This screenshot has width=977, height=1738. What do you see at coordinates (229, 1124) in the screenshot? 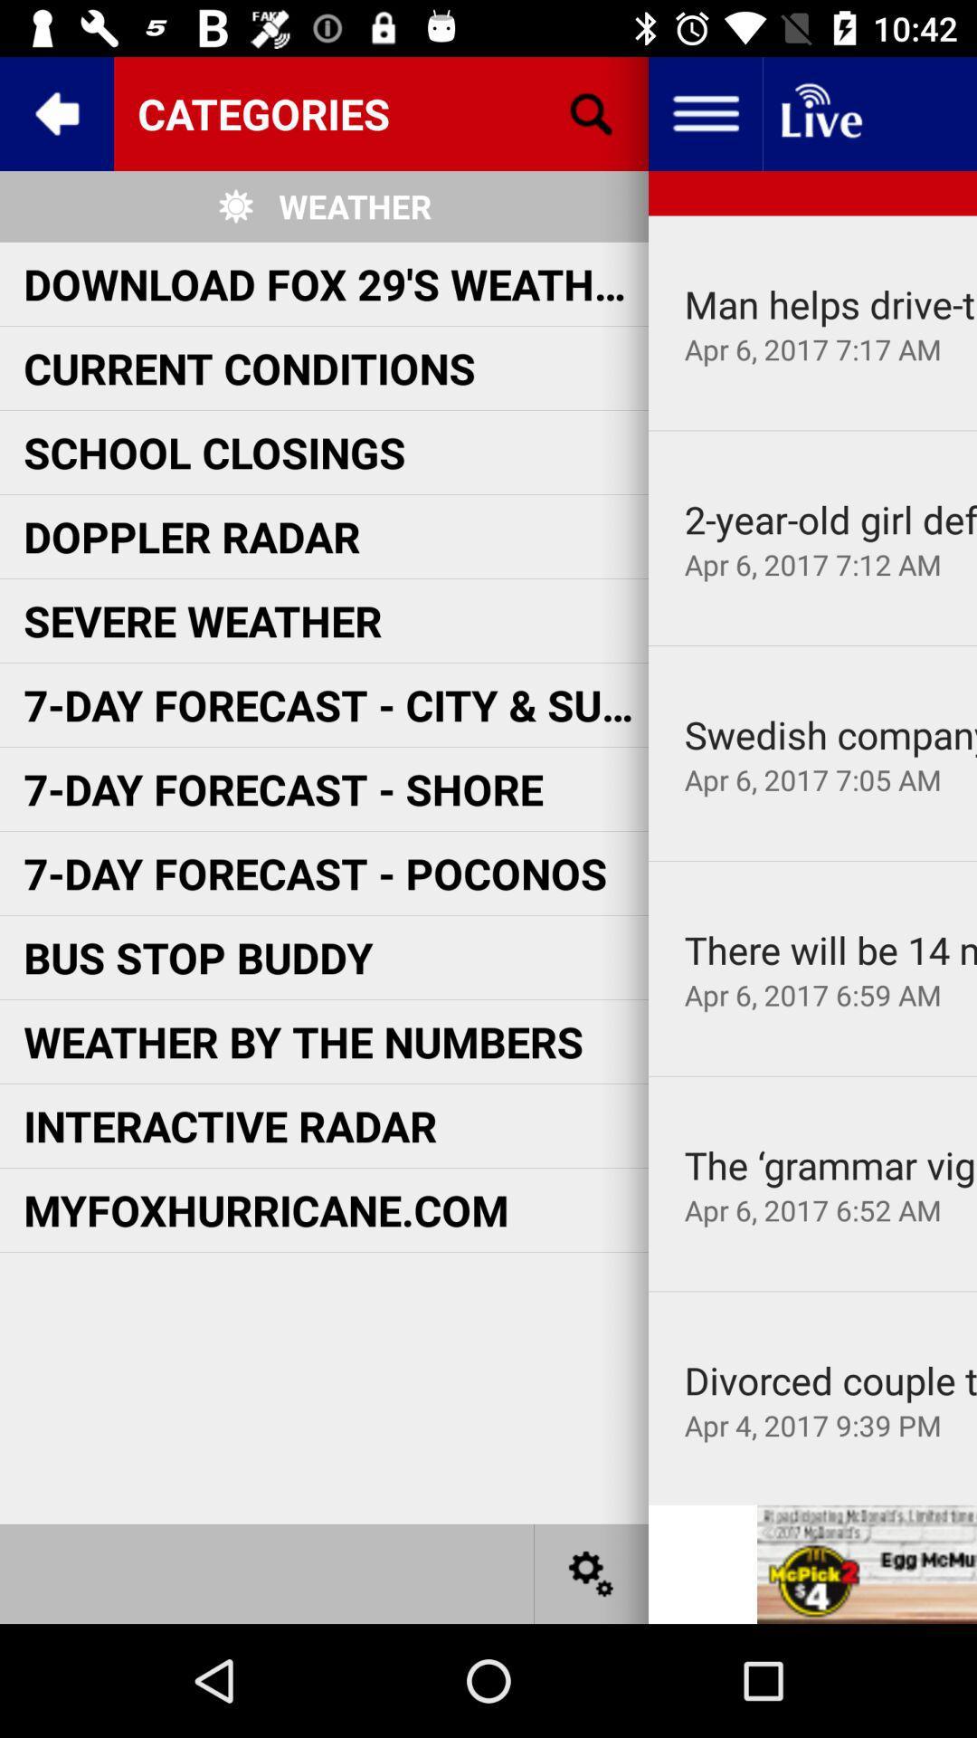
I see `interactive radar item` at bounding box center [229, 1124].